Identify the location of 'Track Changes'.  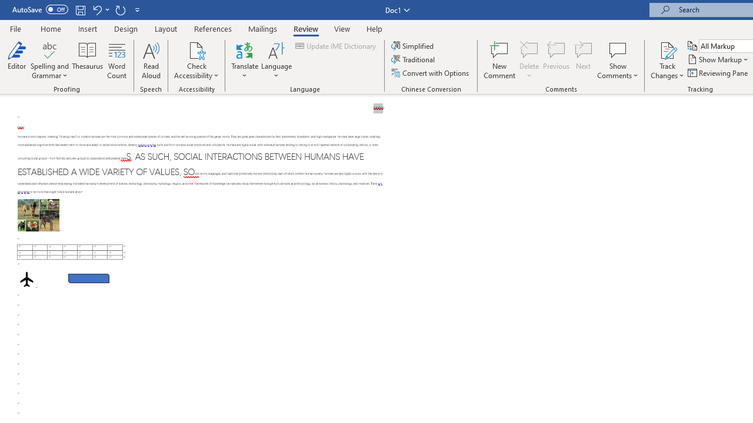
(667, 49).